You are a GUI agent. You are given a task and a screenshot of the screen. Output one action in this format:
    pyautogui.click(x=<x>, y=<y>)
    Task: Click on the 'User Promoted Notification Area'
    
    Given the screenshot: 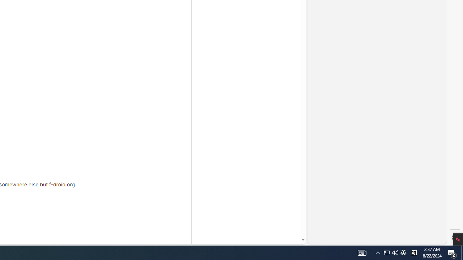 What is the action you would take?
    pyautogui.click(x=362, y=252)
    